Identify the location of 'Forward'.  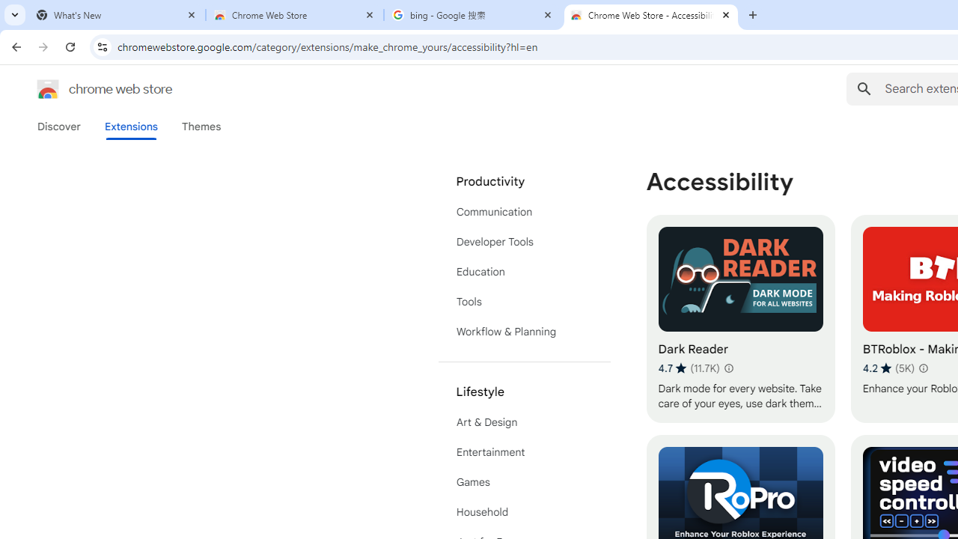
(43, 46).